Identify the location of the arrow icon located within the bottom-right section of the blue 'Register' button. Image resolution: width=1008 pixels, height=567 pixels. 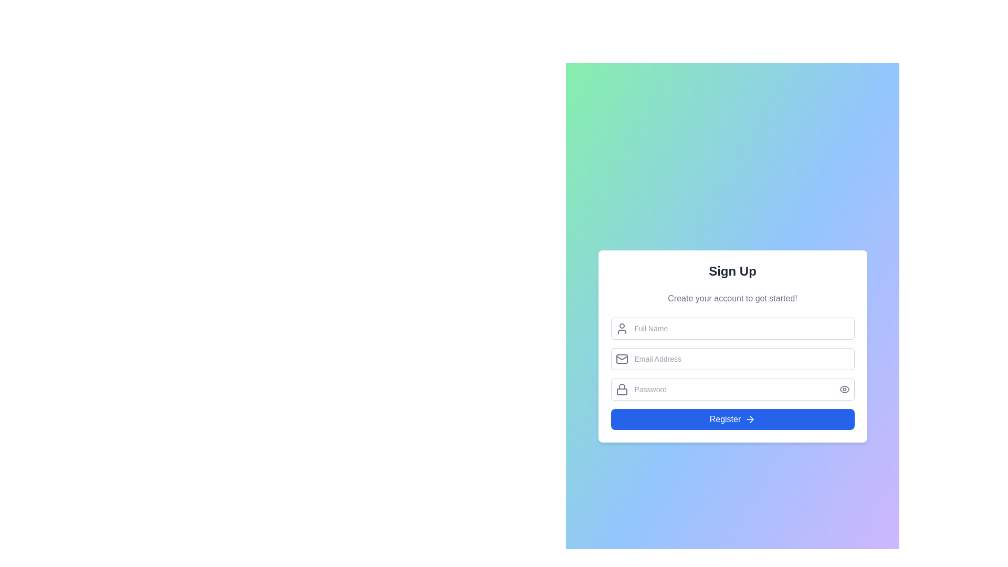
(751, 418).